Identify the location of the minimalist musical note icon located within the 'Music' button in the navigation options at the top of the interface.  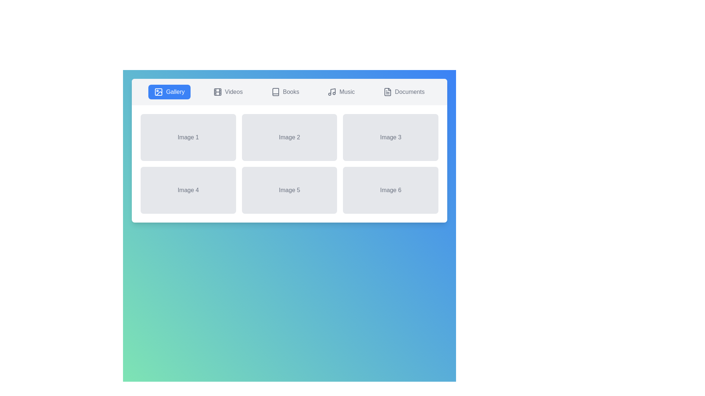
(332, 91).